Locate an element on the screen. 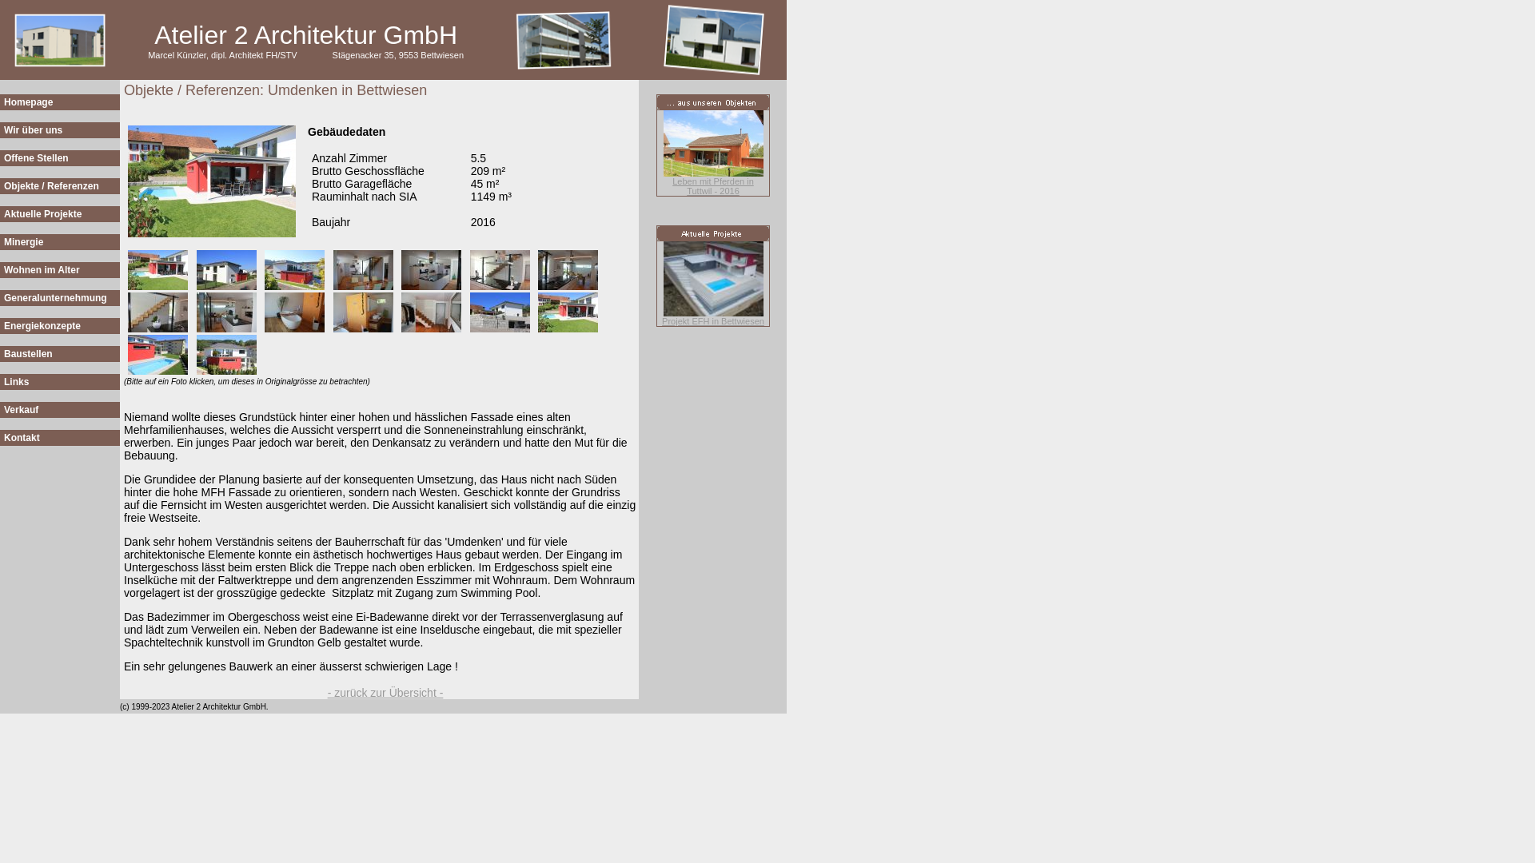 This screenshot has height=863, width=1535. 'Wohnen im Alter' is located at coordinates (3, 269).